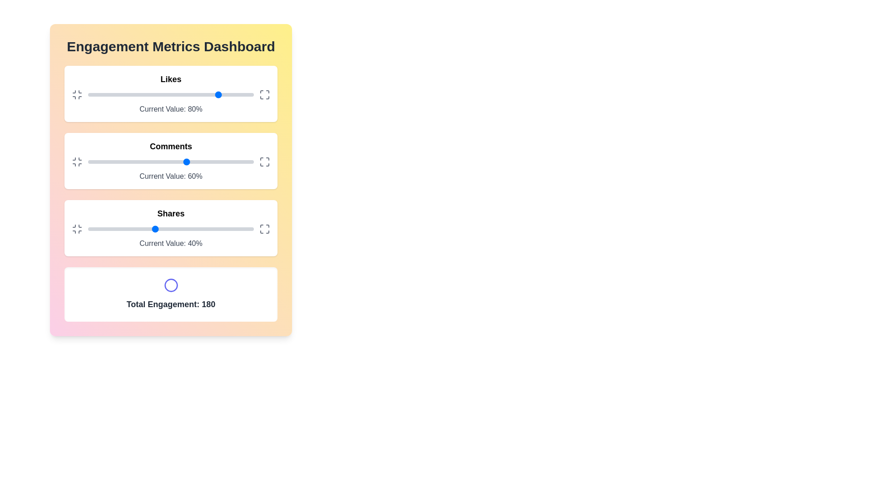  I want to click on the 'Likes' slider, so click(109, 94).